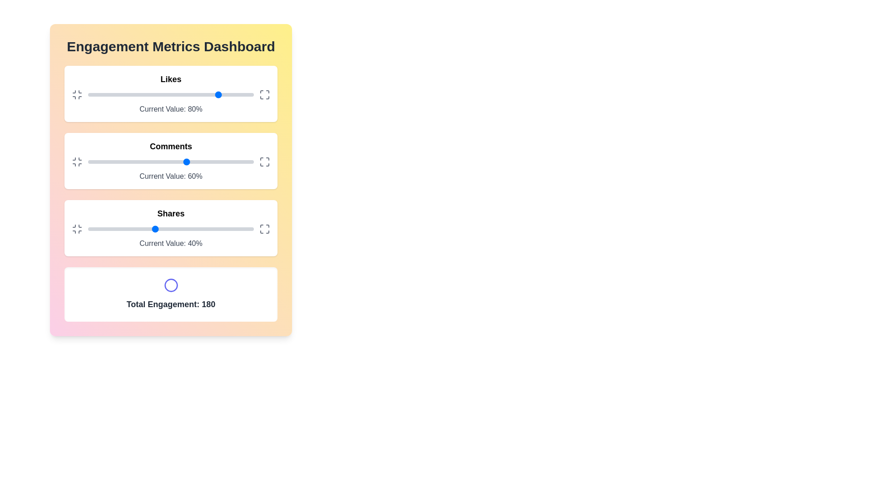  I want to click on the 'Likes' slider, so click(109, 94).